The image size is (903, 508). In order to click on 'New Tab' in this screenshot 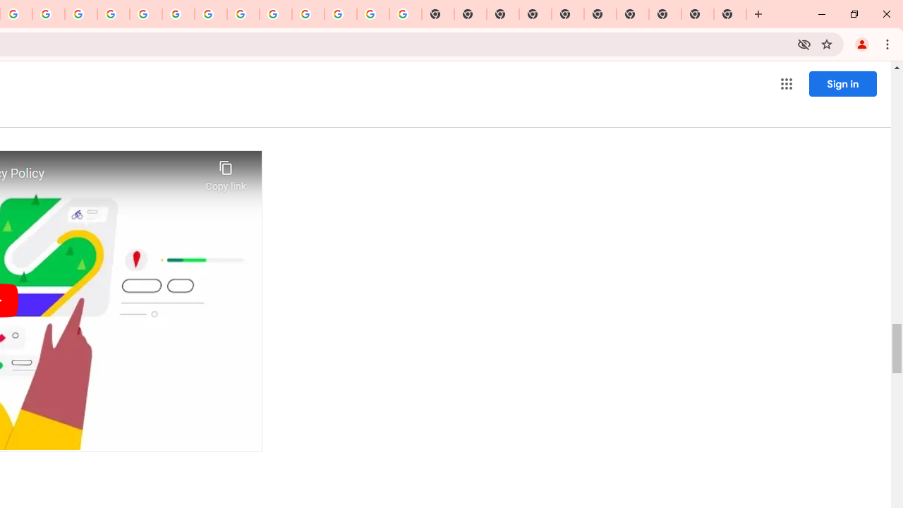, I will do `click(730, 14)`.